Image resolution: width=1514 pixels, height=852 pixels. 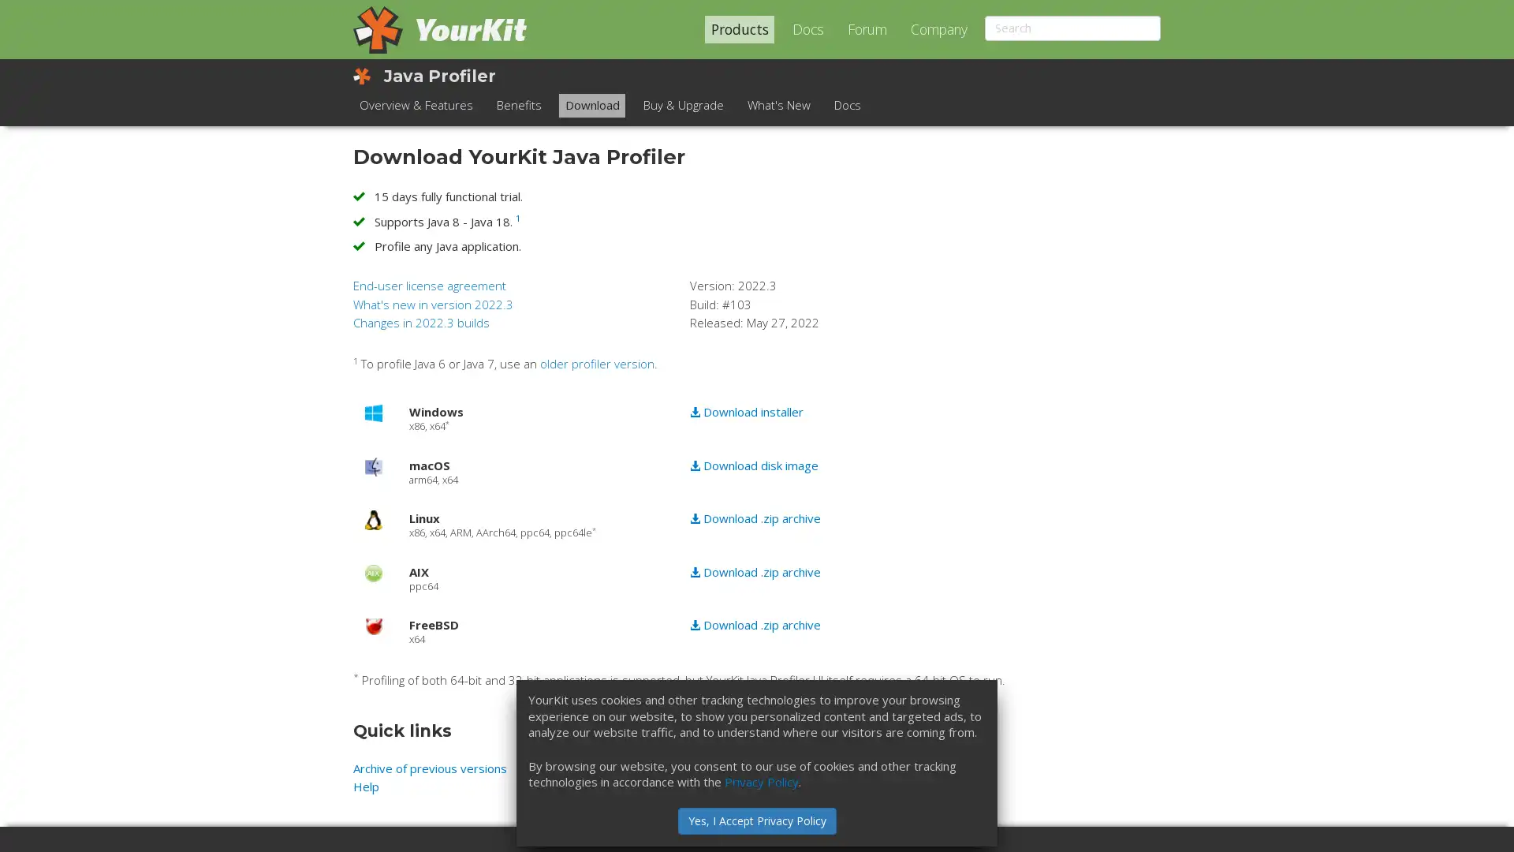 What do you see at coordinates (755, 820) in the screenshot?
I see `Yes, I Accept Privacy Policy` at bounding box center [755, 820].